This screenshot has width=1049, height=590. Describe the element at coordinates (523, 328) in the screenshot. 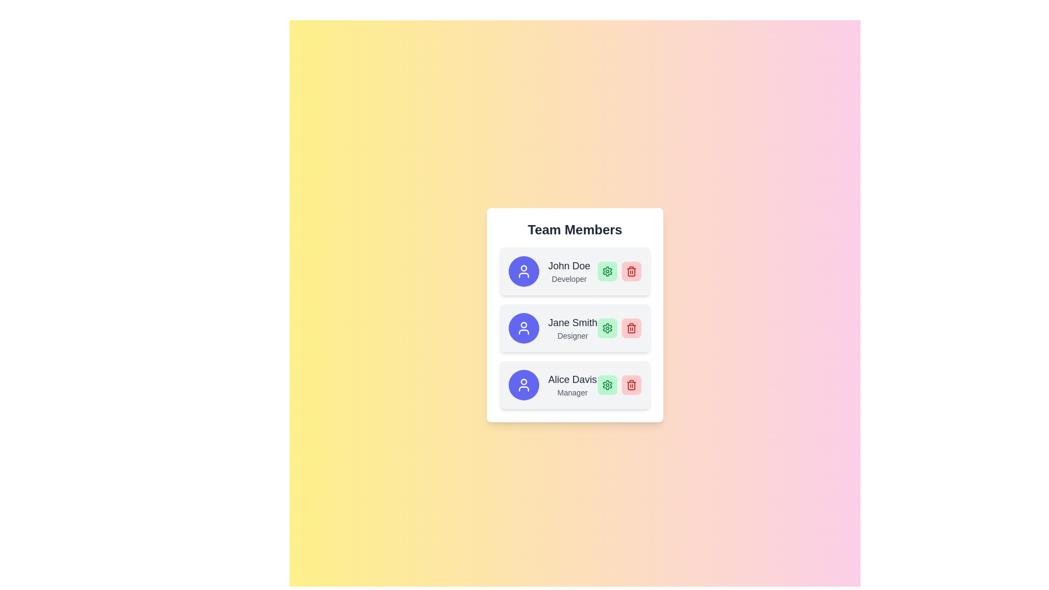

I see `the avatar representation of team member 'Jane Smith' located on the left side of the list item labeled 'Jane Smith, Designer'` at that location.